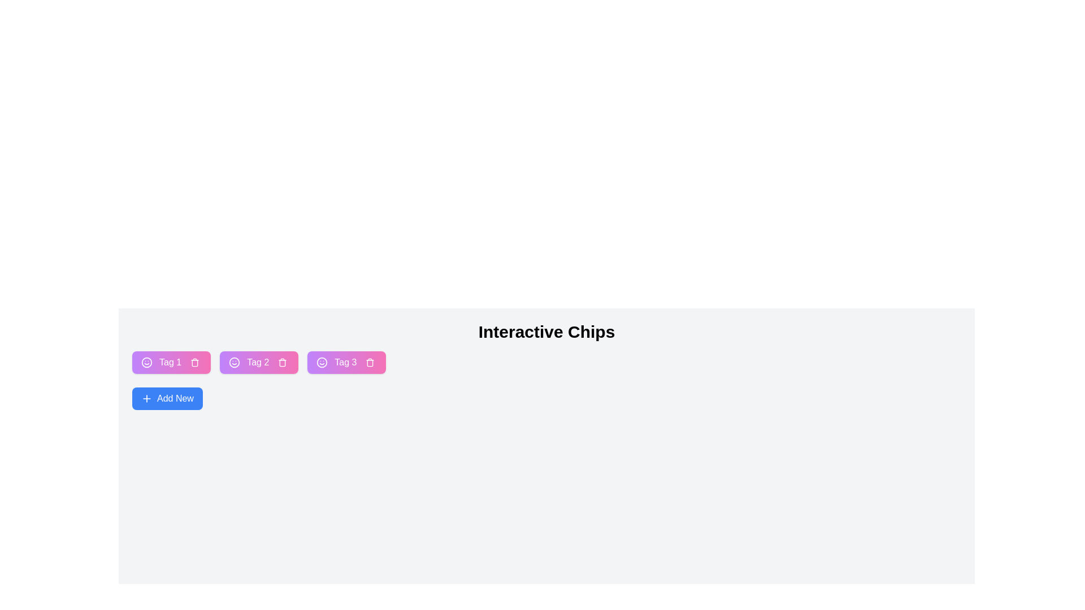 This screenshot has height=610, width=1085. Describe the element at coordinates (257, 362) in the screenshot. I see `the label of the chip named Tag 2 to select its text` at that location.